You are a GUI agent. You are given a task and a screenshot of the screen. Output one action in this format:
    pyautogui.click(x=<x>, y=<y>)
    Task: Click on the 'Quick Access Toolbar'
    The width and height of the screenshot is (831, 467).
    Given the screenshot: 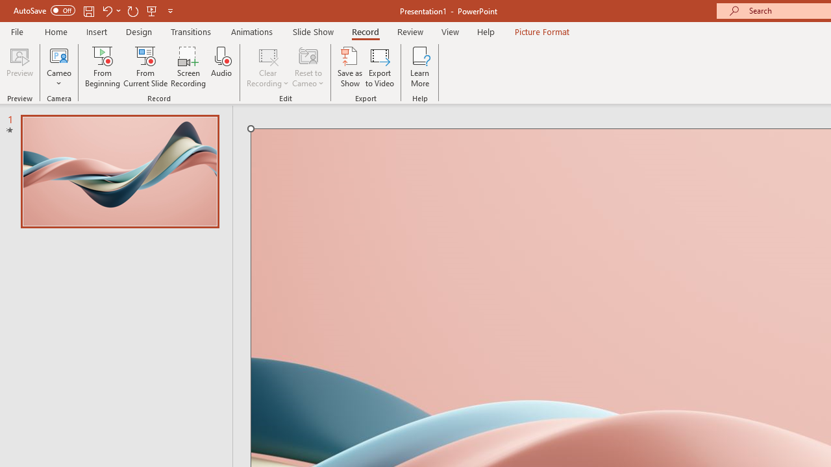 What is the action you would take?
    pyautogui.click(x=93, y=10)
    